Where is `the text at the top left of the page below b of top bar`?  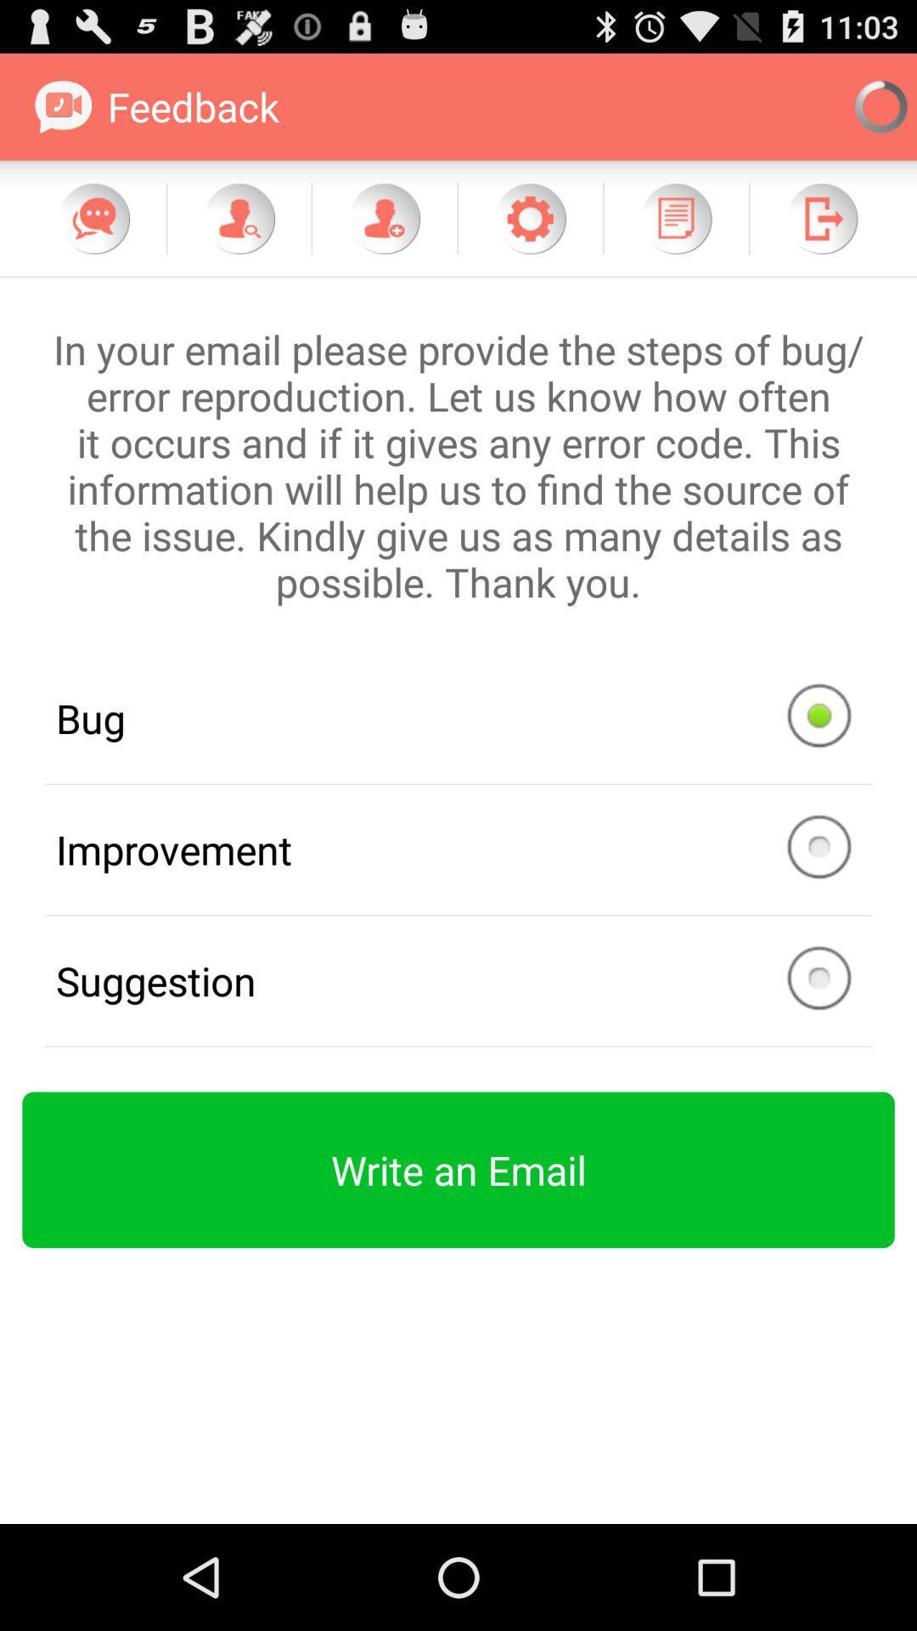
the text at the top left of the page below b of top bar is located at coordinates (157, 105).